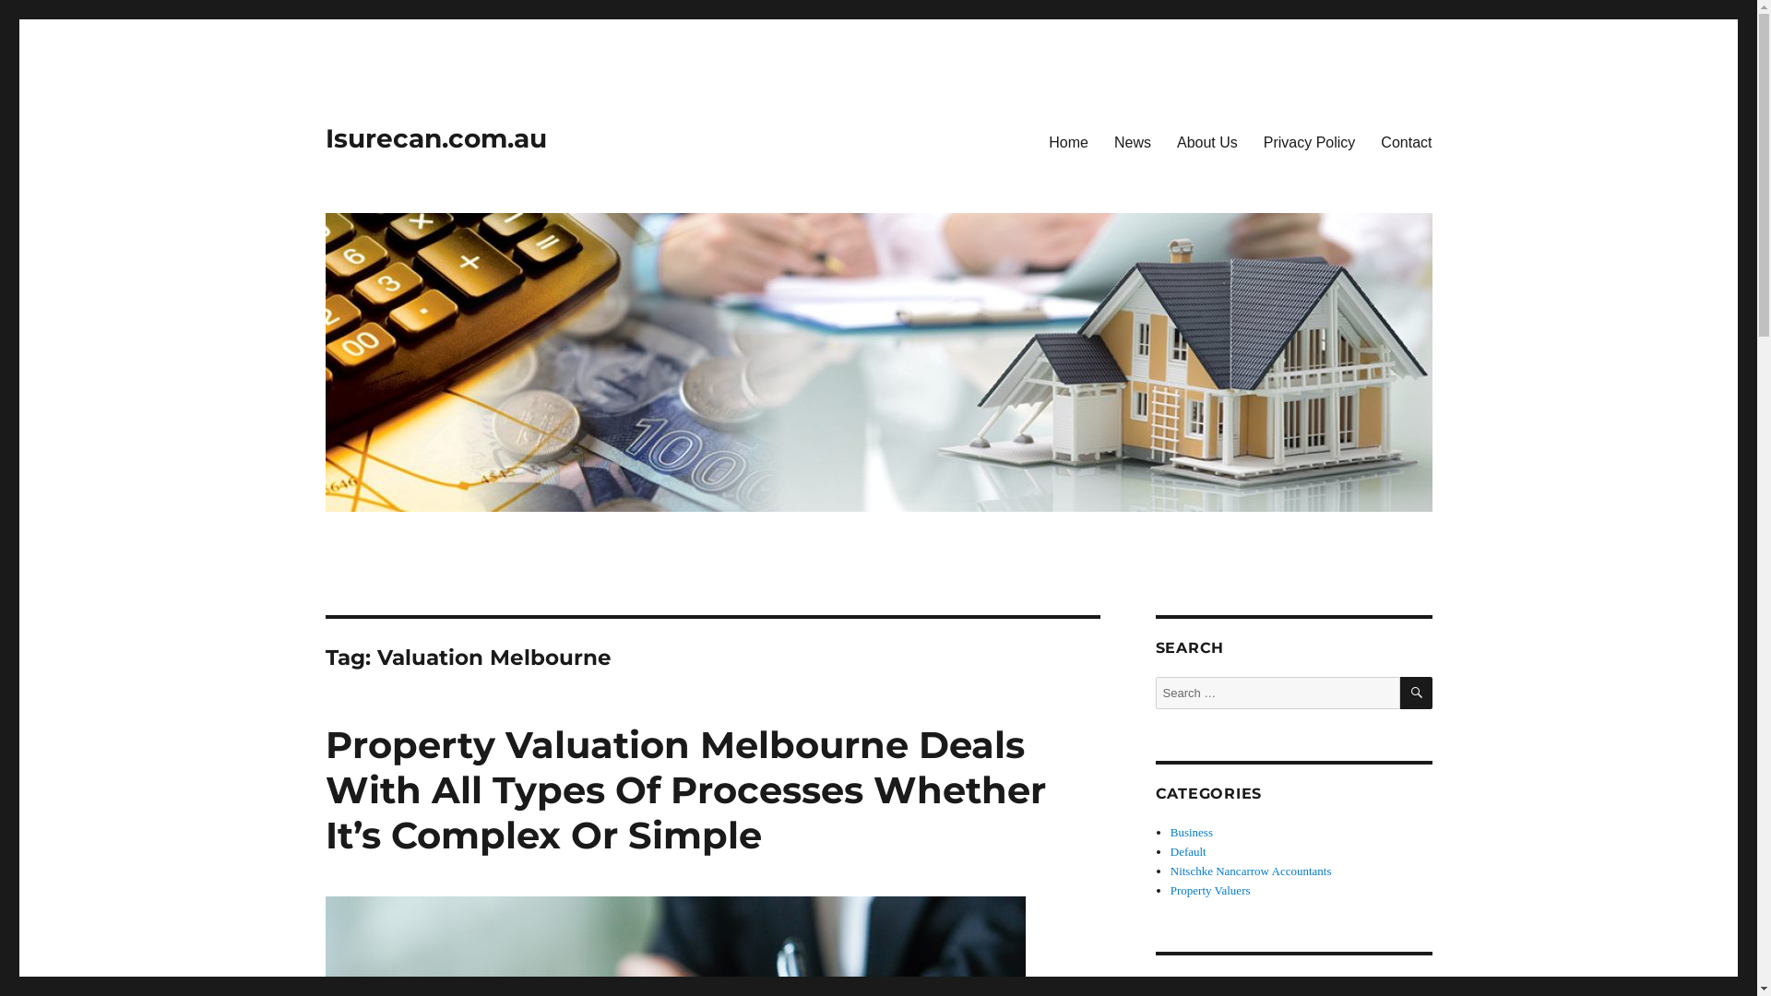 The height and width of the screenshot is (996, 1771). Describe the element at coordinates (1251, 141) in the screenshot. I see `'Privacy Policy'` at that location.